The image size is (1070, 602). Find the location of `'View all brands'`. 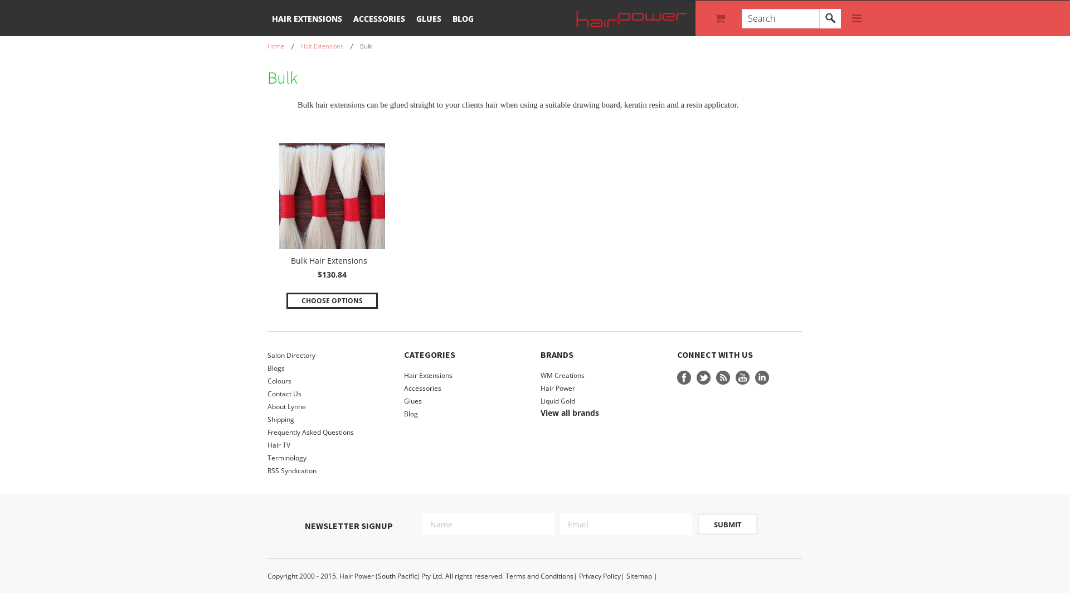

'View all brands' is located at coordinates (570, 412).